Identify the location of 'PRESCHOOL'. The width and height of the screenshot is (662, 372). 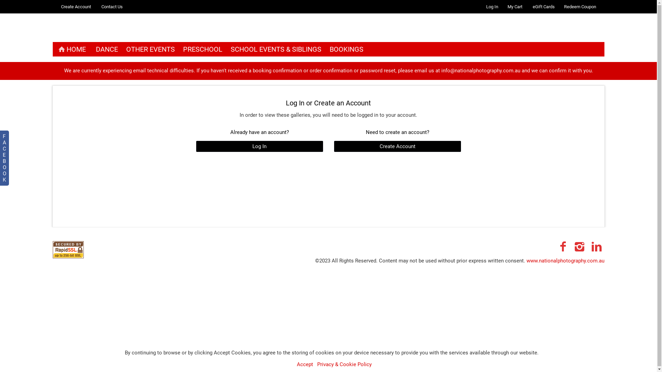
(202, 49).